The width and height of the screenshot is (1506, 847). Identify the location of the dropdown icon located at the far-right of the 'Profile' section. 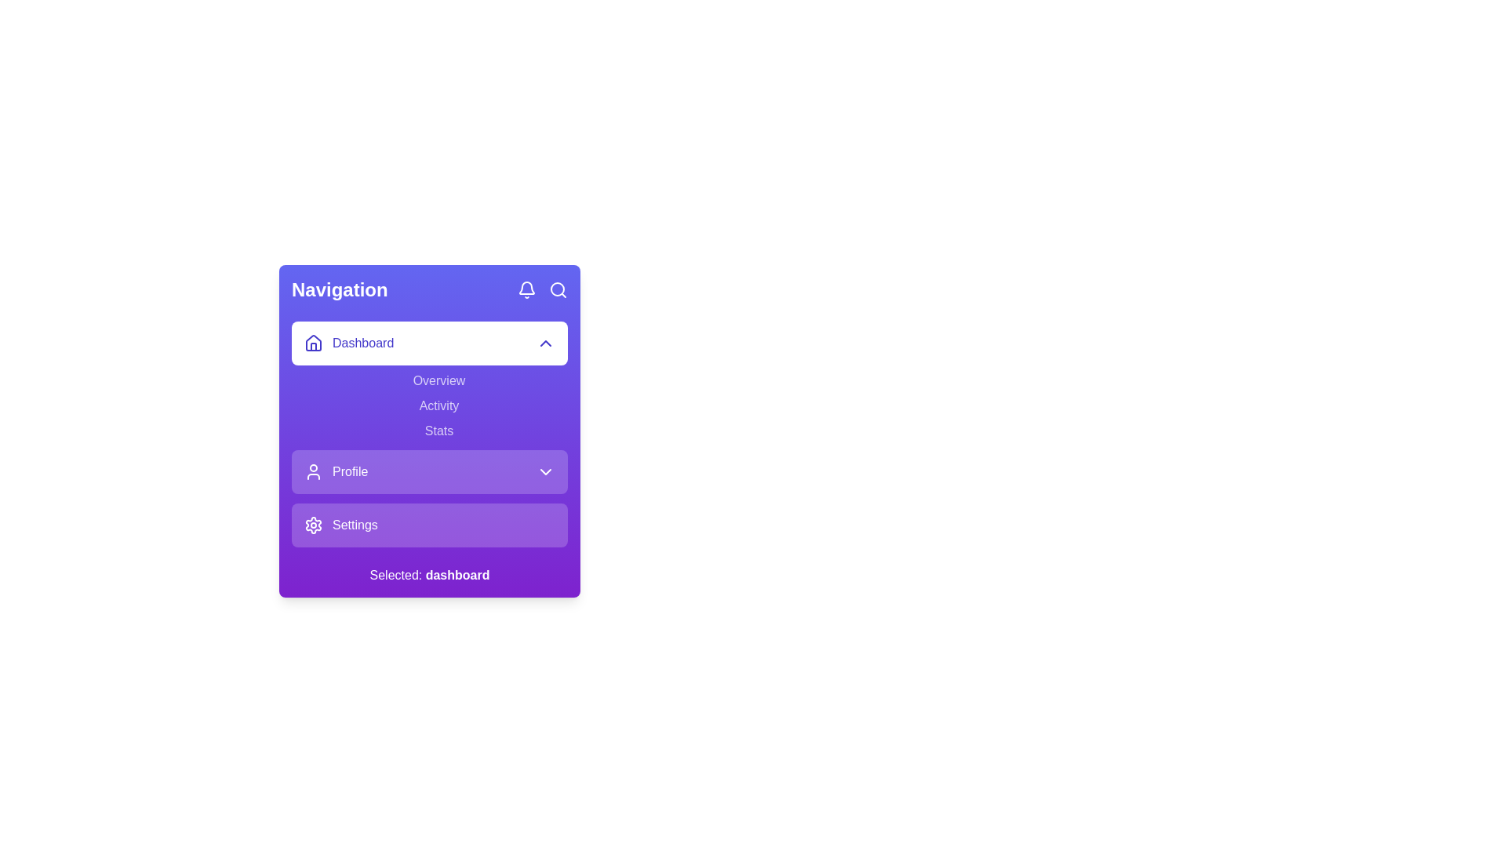
(546, 471).